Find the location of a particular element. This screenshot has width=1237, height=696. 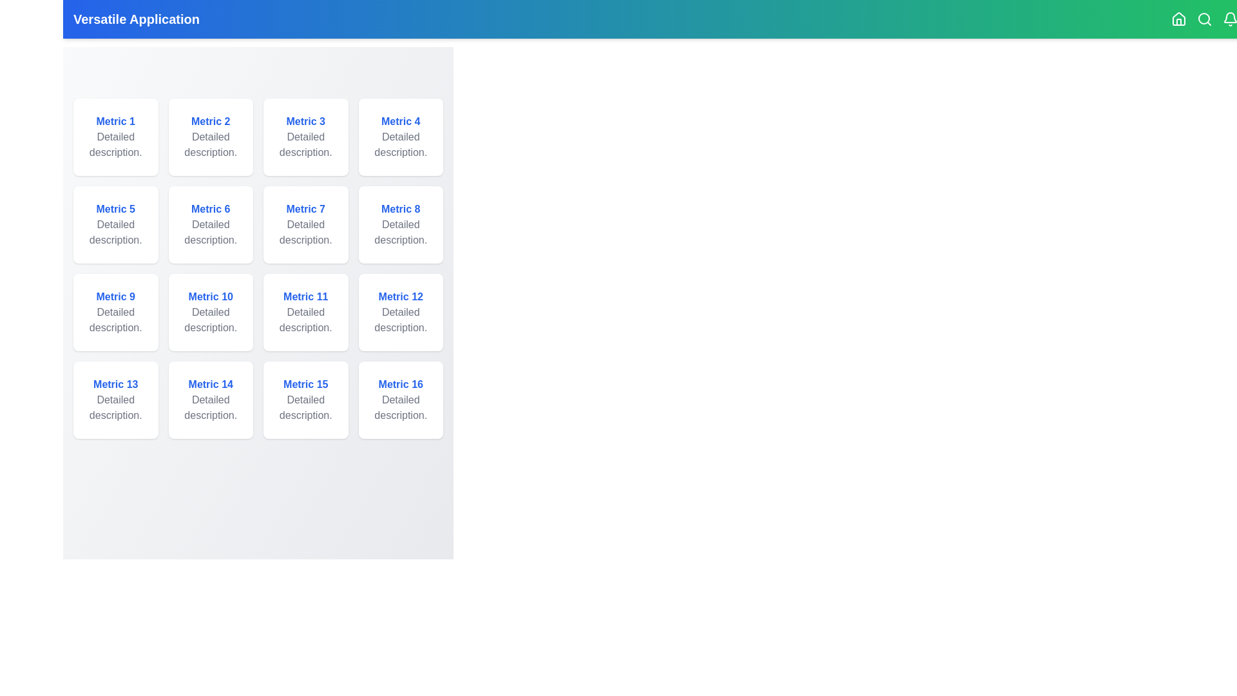

the Bell icon in the app bar is located at coordinates (1230, 19).